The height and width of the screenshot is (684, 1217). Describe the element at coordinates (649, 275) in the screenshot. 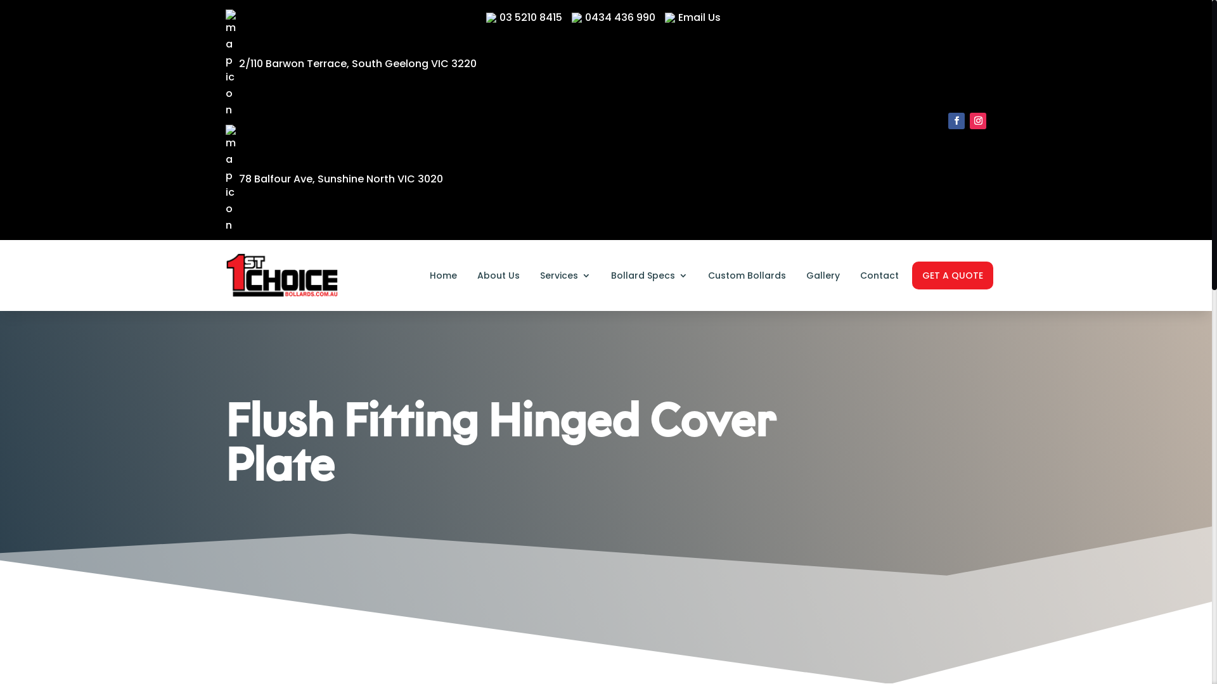

I see `'Bollard Specs'` at that location.